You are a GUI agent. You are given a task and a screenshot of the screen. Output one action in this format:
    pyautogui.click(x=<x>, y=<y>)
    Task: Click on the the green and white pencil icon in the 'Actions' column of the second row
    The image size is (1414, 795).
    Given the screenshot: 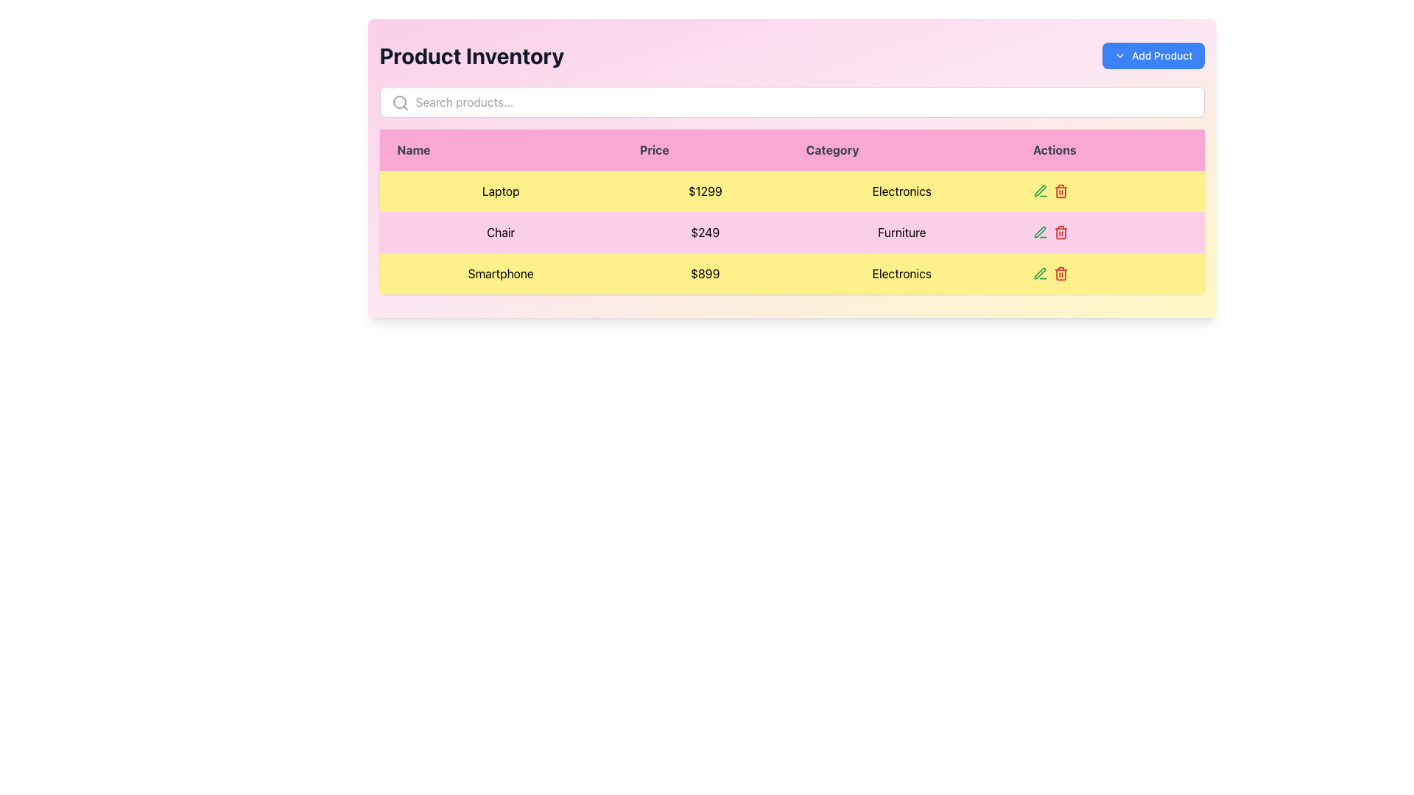 What is the action you would take?
    pyautogui.click(x=1039, y=273)
    